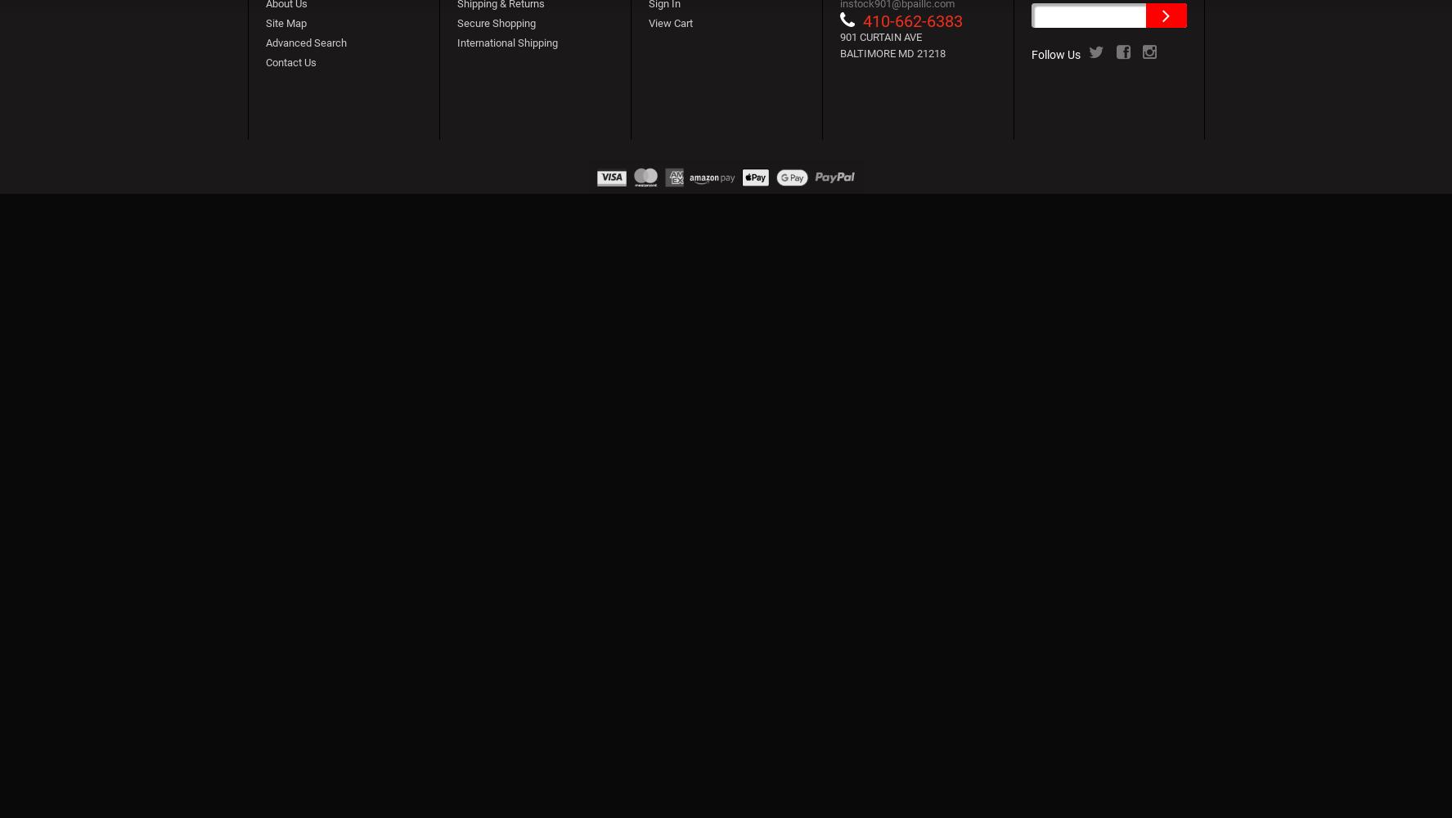 This screenshot has width=1452, height=818. What do you see at coordinates (888, 37) in the screenshot?
I see `'901 CURTAIN AVE'` at bounding box center [888, 37].